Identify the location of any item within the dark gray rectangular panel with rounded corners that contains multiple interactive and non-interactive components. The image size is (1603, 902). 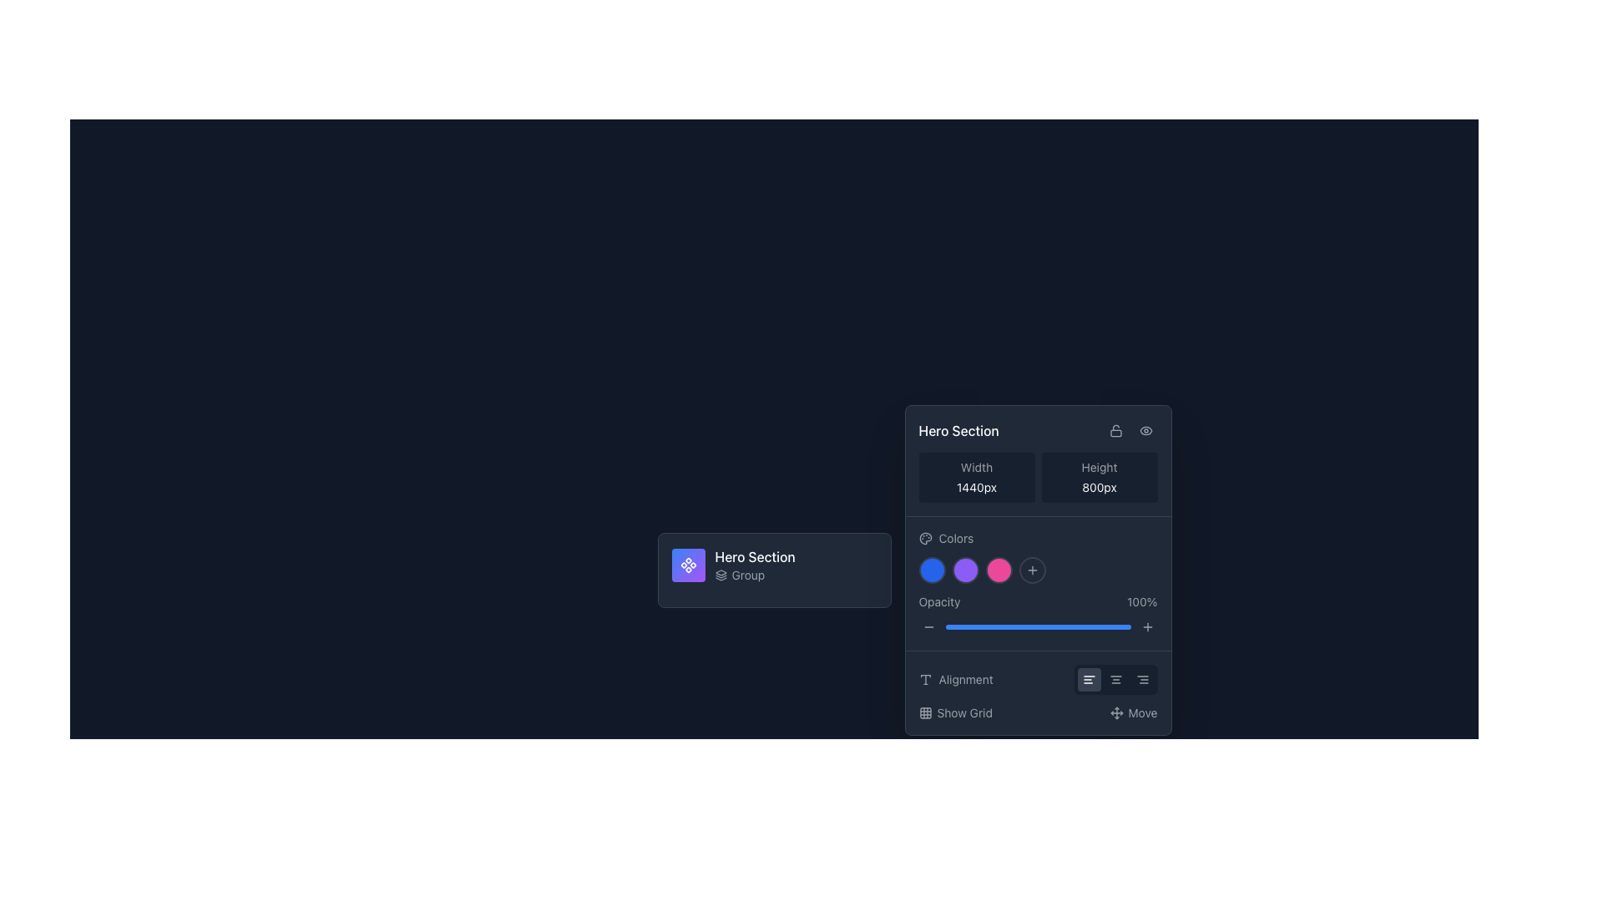
(1037, 569).